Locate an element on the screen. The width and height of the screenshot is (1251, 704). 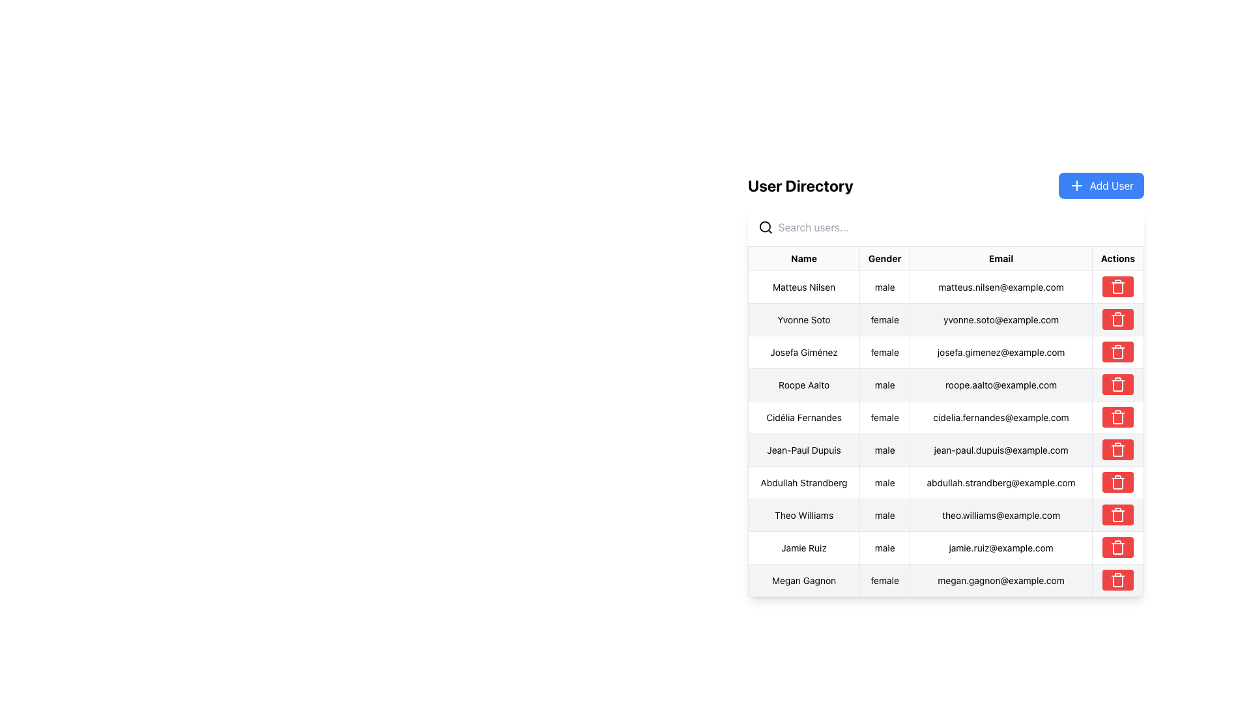
the static label representing the gender entry for user 'Megan Gagnon' in the 'User Directory' table, located in the 'Gender' column is located at coordinates (885, 579).